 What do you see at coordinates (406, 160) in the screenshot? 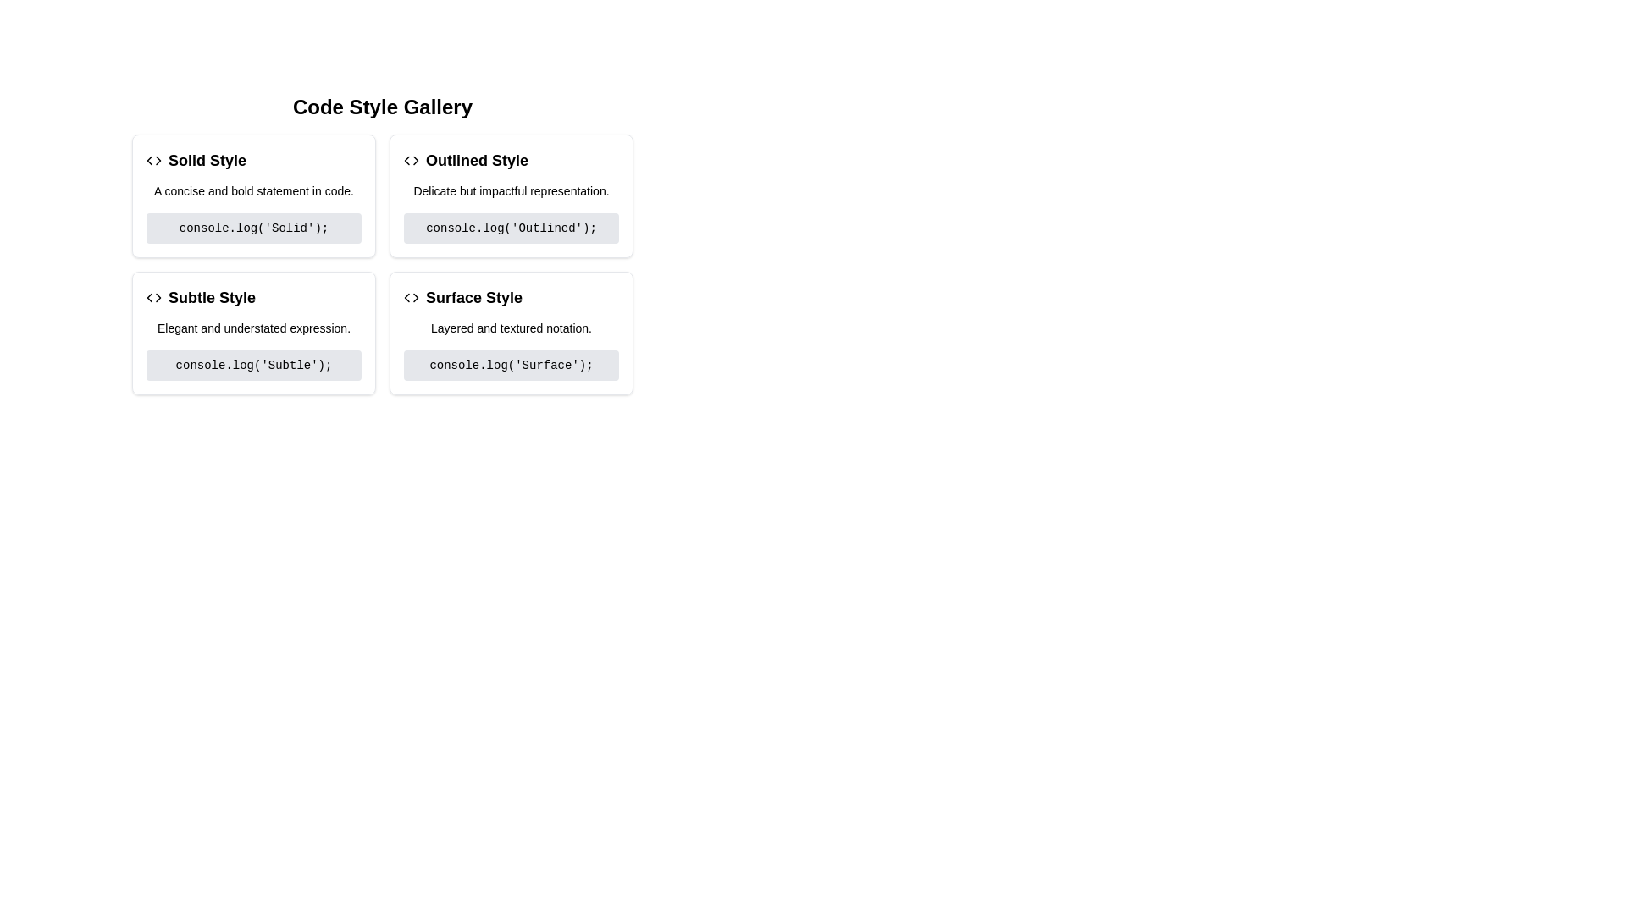
I see `the left-pointing arrow icon in the 'Outlined Style' section of the interface` at bounding box center [406, 160].